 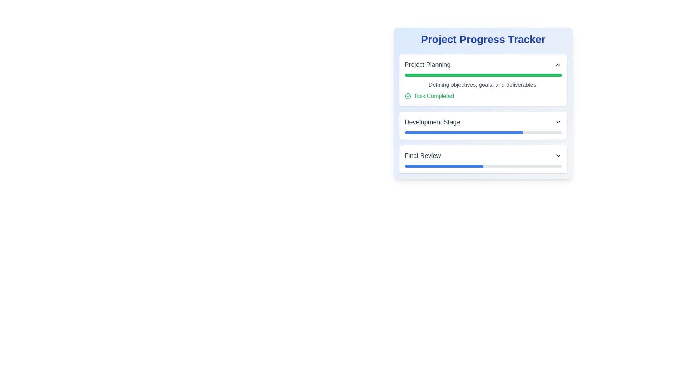 What do you see at coordinates (463, 132) in the screenshot?
I see `the Progress bar indicating 75% completion of the Development Stage in the Project Progress Tracker panel` at bounding box center [463, 132].